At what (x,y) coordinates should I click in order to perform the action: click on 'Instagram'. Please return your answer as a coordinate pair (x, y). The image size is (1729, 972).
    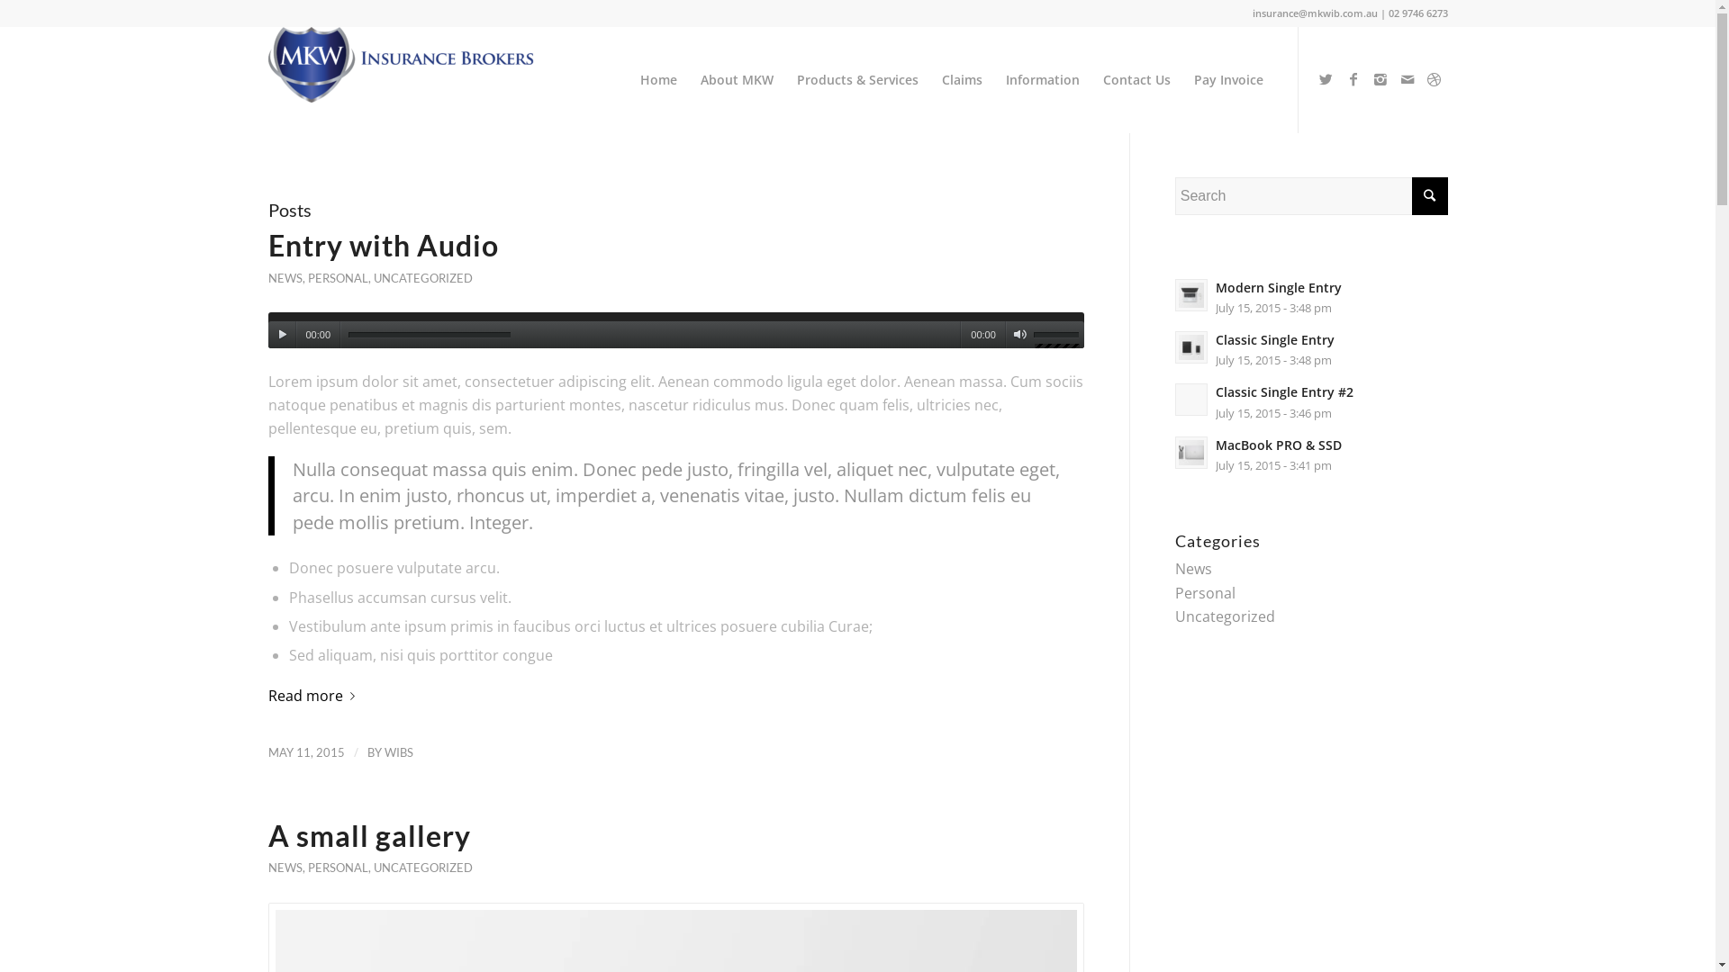
    Looking at the image, I should click on (1379, 78).